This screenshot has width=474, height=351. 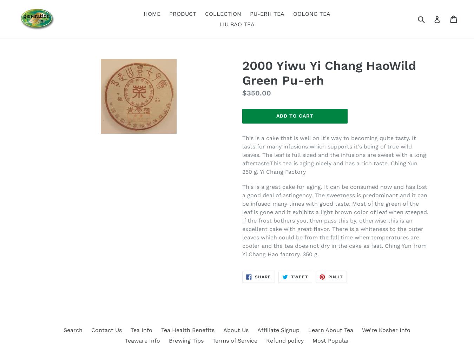 What do you see at coordinates (284, 340) in the screenshot?
I see `'Refund policy'` at bounding box center [284, 340].